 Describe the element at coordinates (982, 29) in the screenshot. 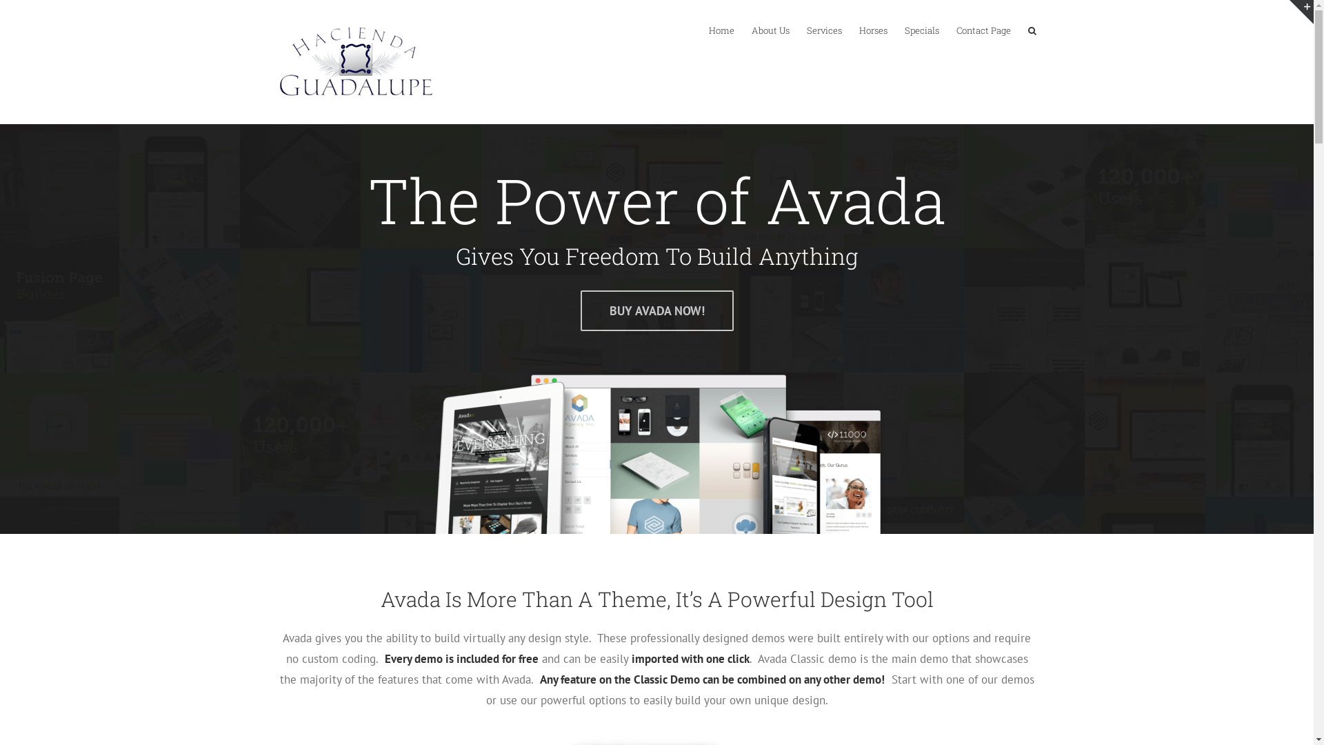

I see `'Contact Page'` at that location.